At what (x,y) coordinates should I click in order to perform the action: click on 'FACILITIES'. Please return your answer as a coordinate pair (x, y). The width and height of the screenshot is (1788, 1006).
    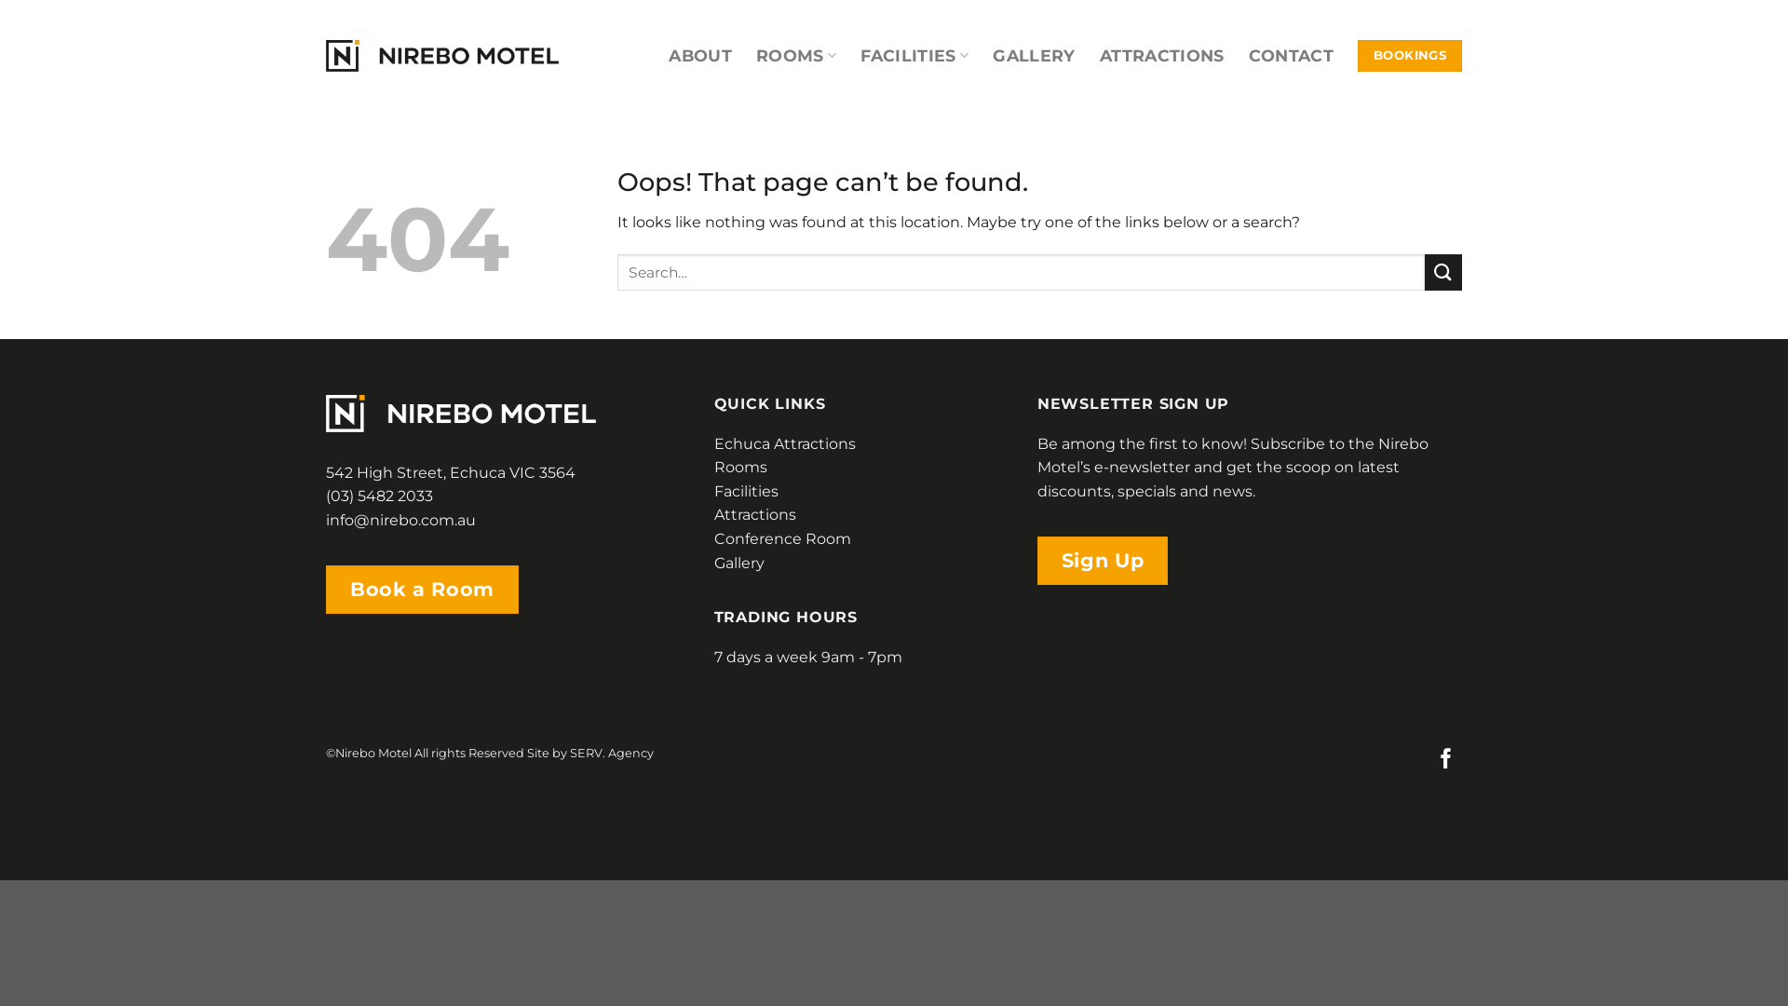
    Looking at the image, I should click on (860, 54).